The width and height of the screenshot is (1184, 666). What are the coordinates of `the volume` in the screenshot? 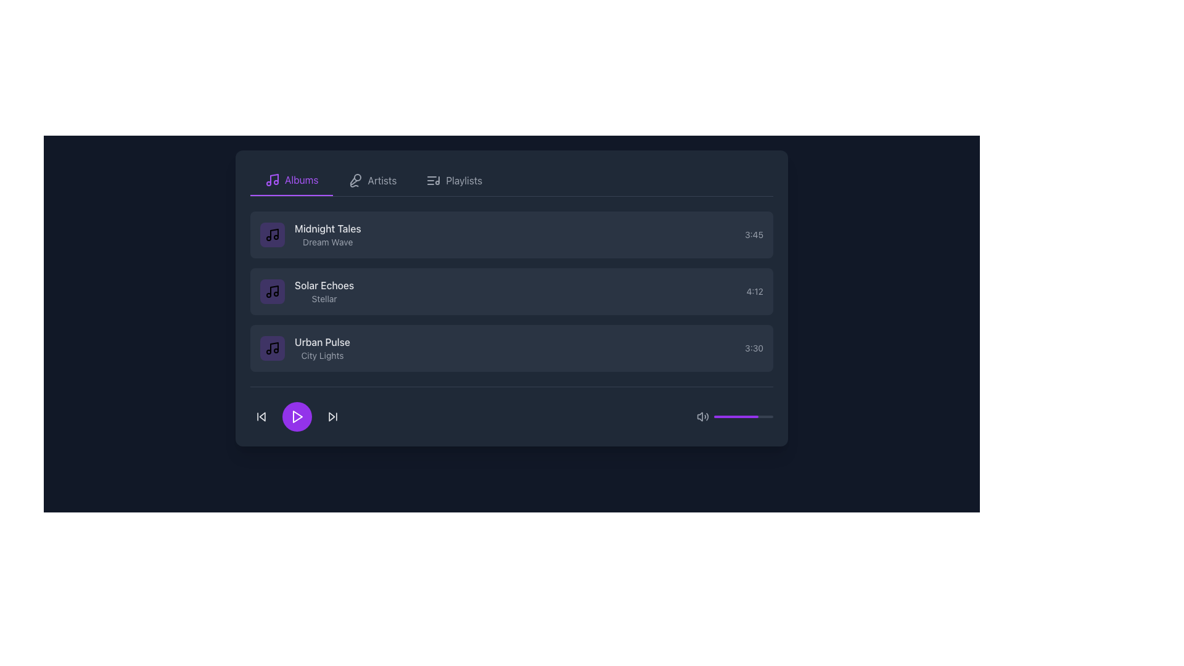 It's located at (767, 416).